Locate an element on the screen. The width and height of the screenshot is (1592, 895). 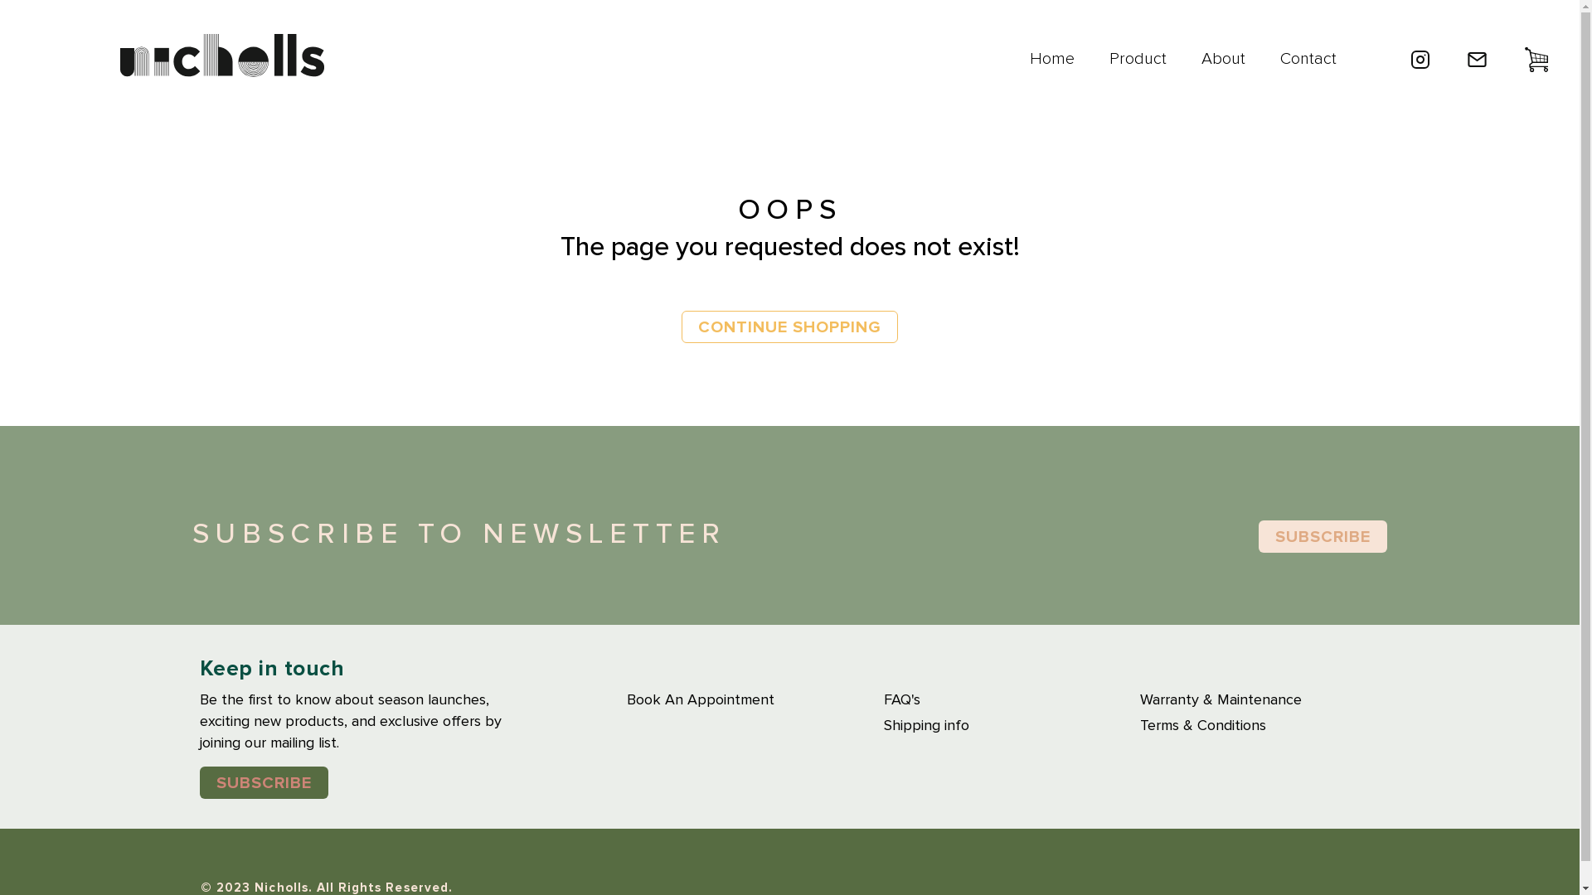
'Home' is located at coordinates (1051, 60).